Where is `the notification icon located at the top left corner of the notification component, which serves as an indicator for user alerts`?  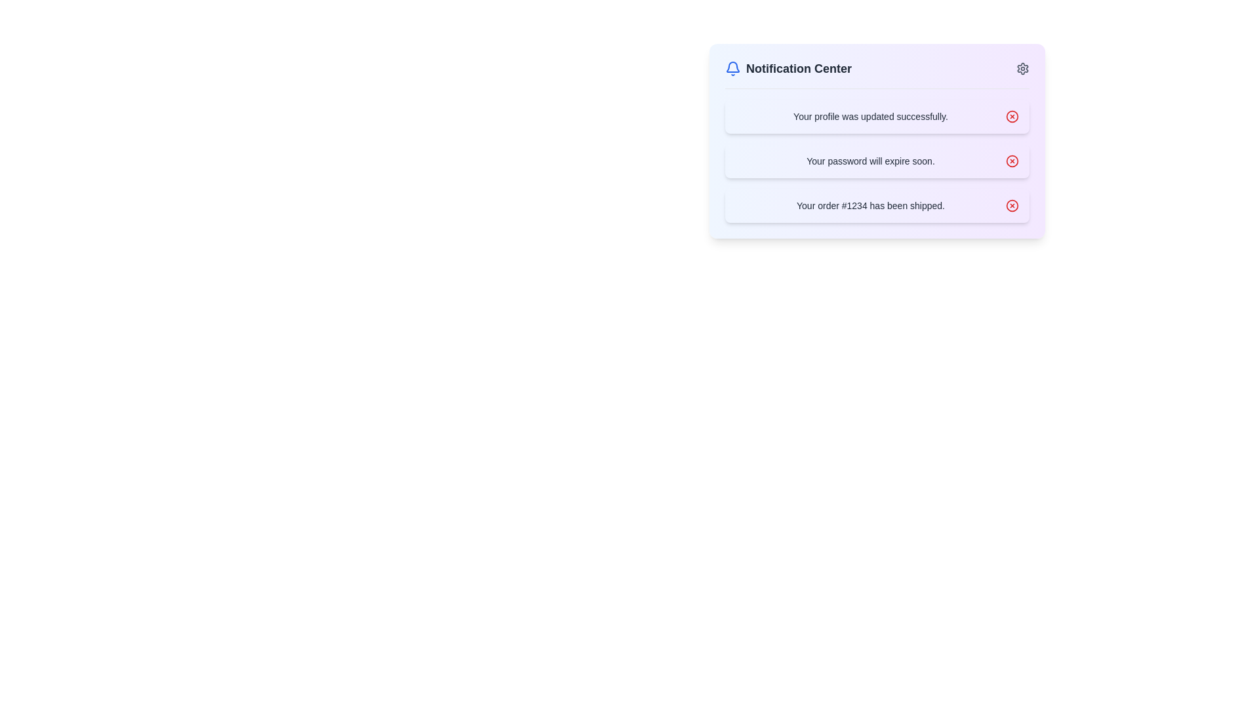 the notification icon located at the top left corner of the notification component, which serves as an indicator for user alerts is located at coordinates (732, 67).